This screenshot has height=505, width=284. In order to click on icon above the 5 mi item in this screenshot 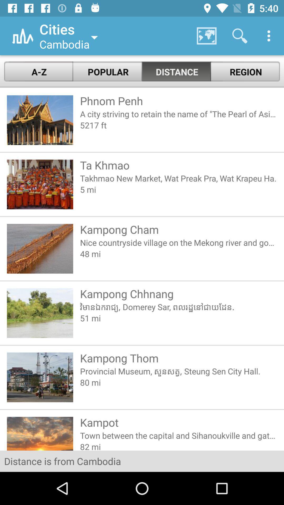, I will do `click(178, 178)`.